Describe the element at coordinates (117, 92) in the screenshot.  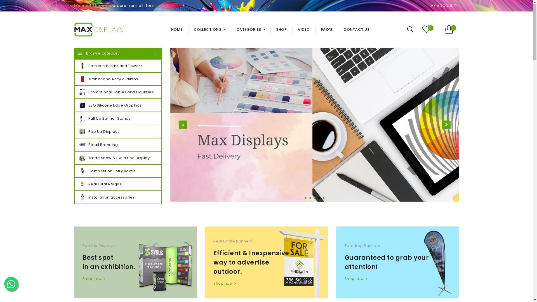
I see `'Promotional Tables and Counters'` at that location.